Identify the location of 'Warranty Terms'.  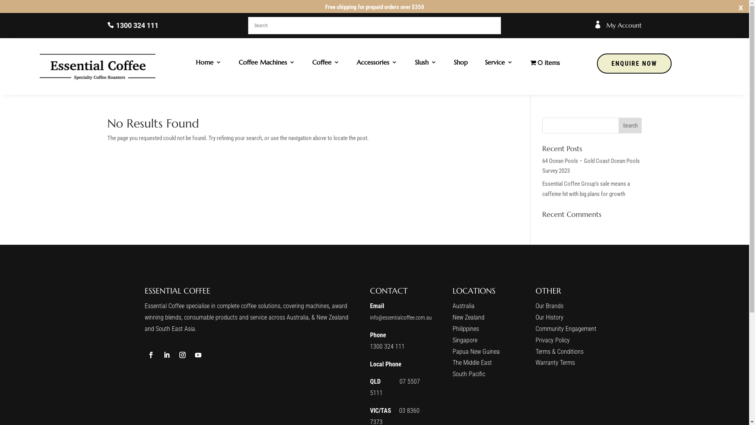
(554, 362).